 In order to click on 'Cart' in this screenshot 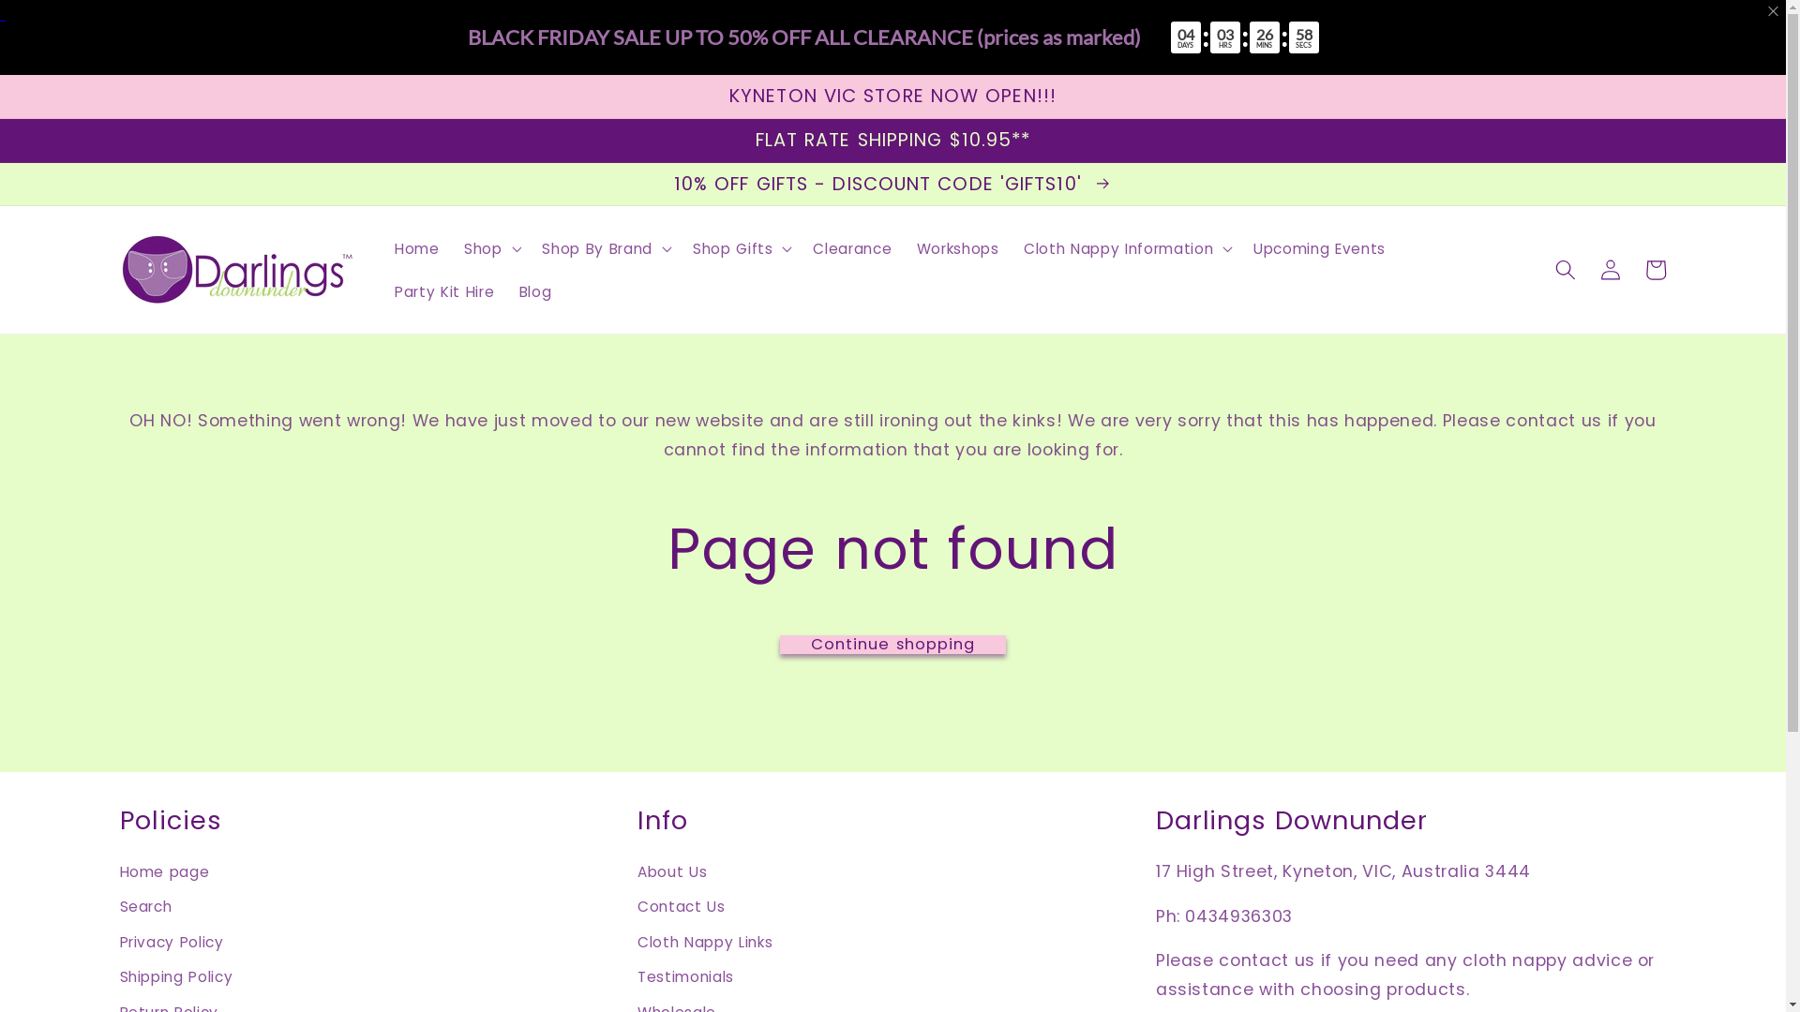, I will do `click(1656, 270)`.